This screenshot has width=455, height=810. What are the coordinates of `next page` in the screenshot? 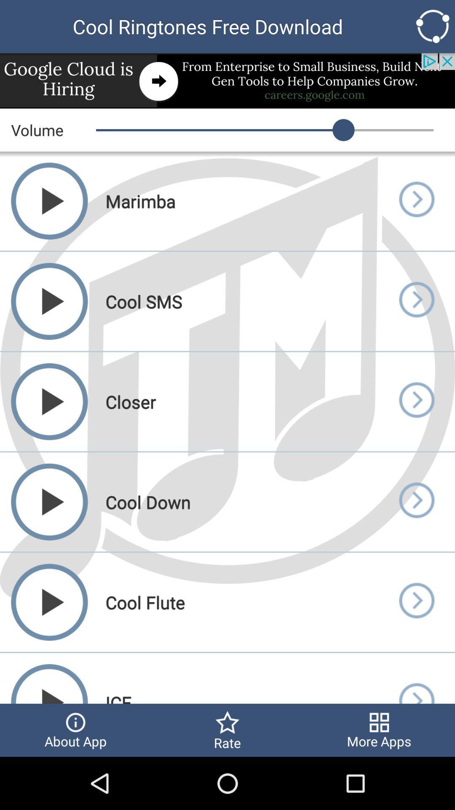 It's located at (416, 200).